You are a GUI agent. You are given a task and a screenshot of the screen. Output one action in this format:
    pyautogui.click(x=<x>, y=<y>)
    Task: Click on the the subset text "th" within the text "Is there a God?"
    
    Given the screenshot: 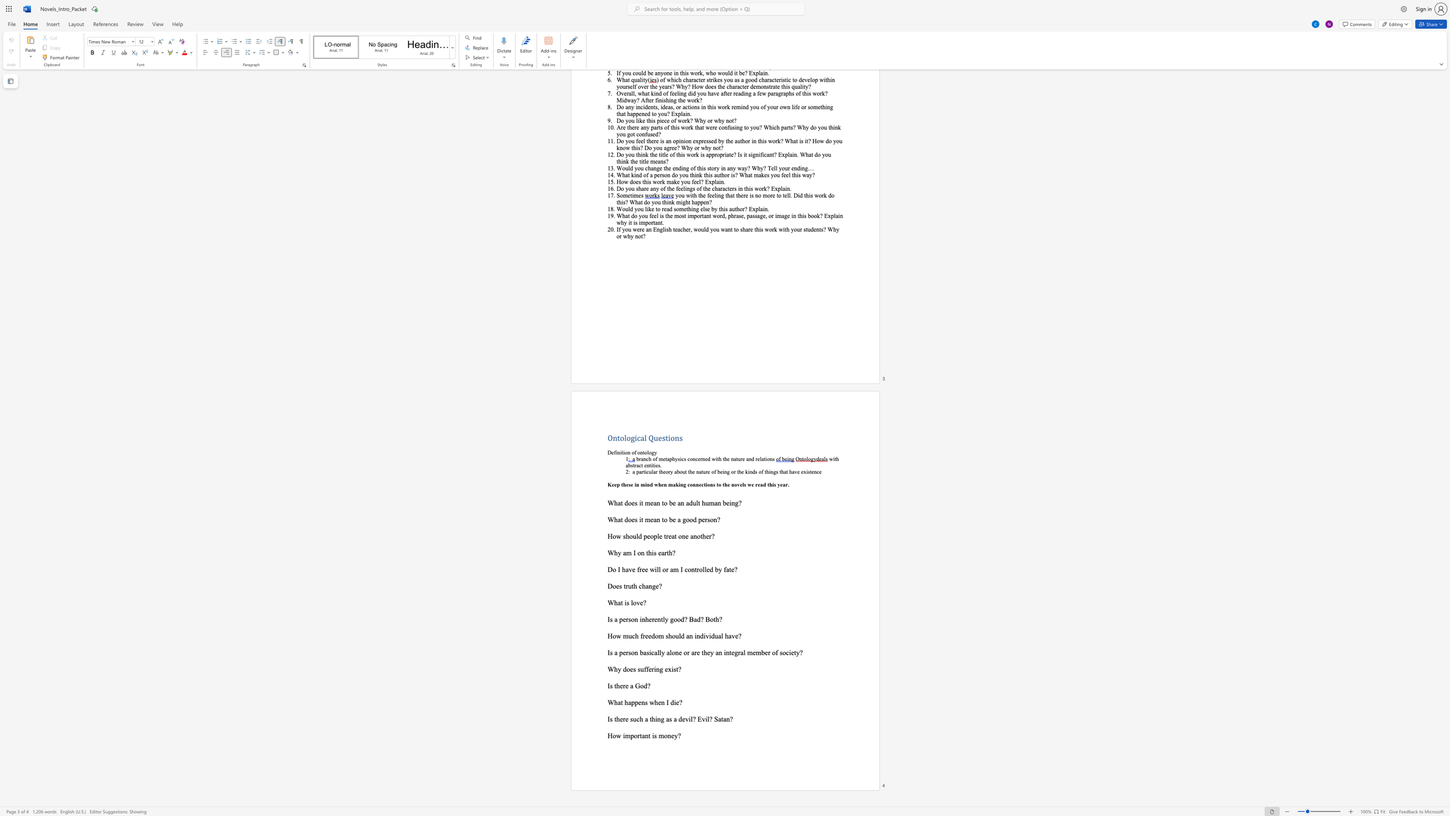 What is the action you would take?
    pyautogui.click(x=614, y=686)
    